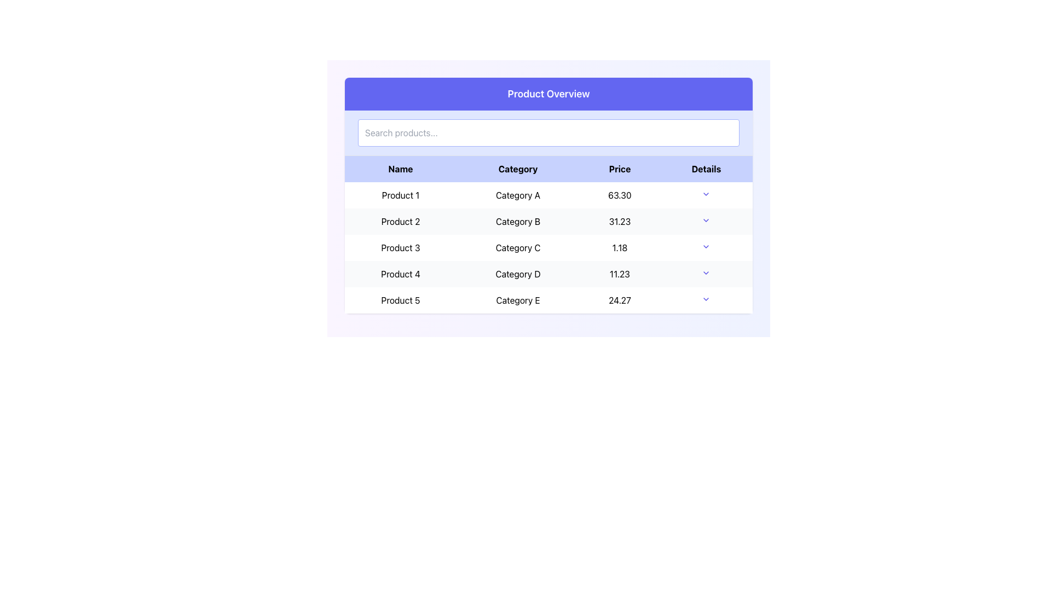  What do you see at coordinates (517, 274) in the screenshot?
I see `the label in the fourth row of the table that indicates the category of 'Product 4'` at bounding box center [517, 274].